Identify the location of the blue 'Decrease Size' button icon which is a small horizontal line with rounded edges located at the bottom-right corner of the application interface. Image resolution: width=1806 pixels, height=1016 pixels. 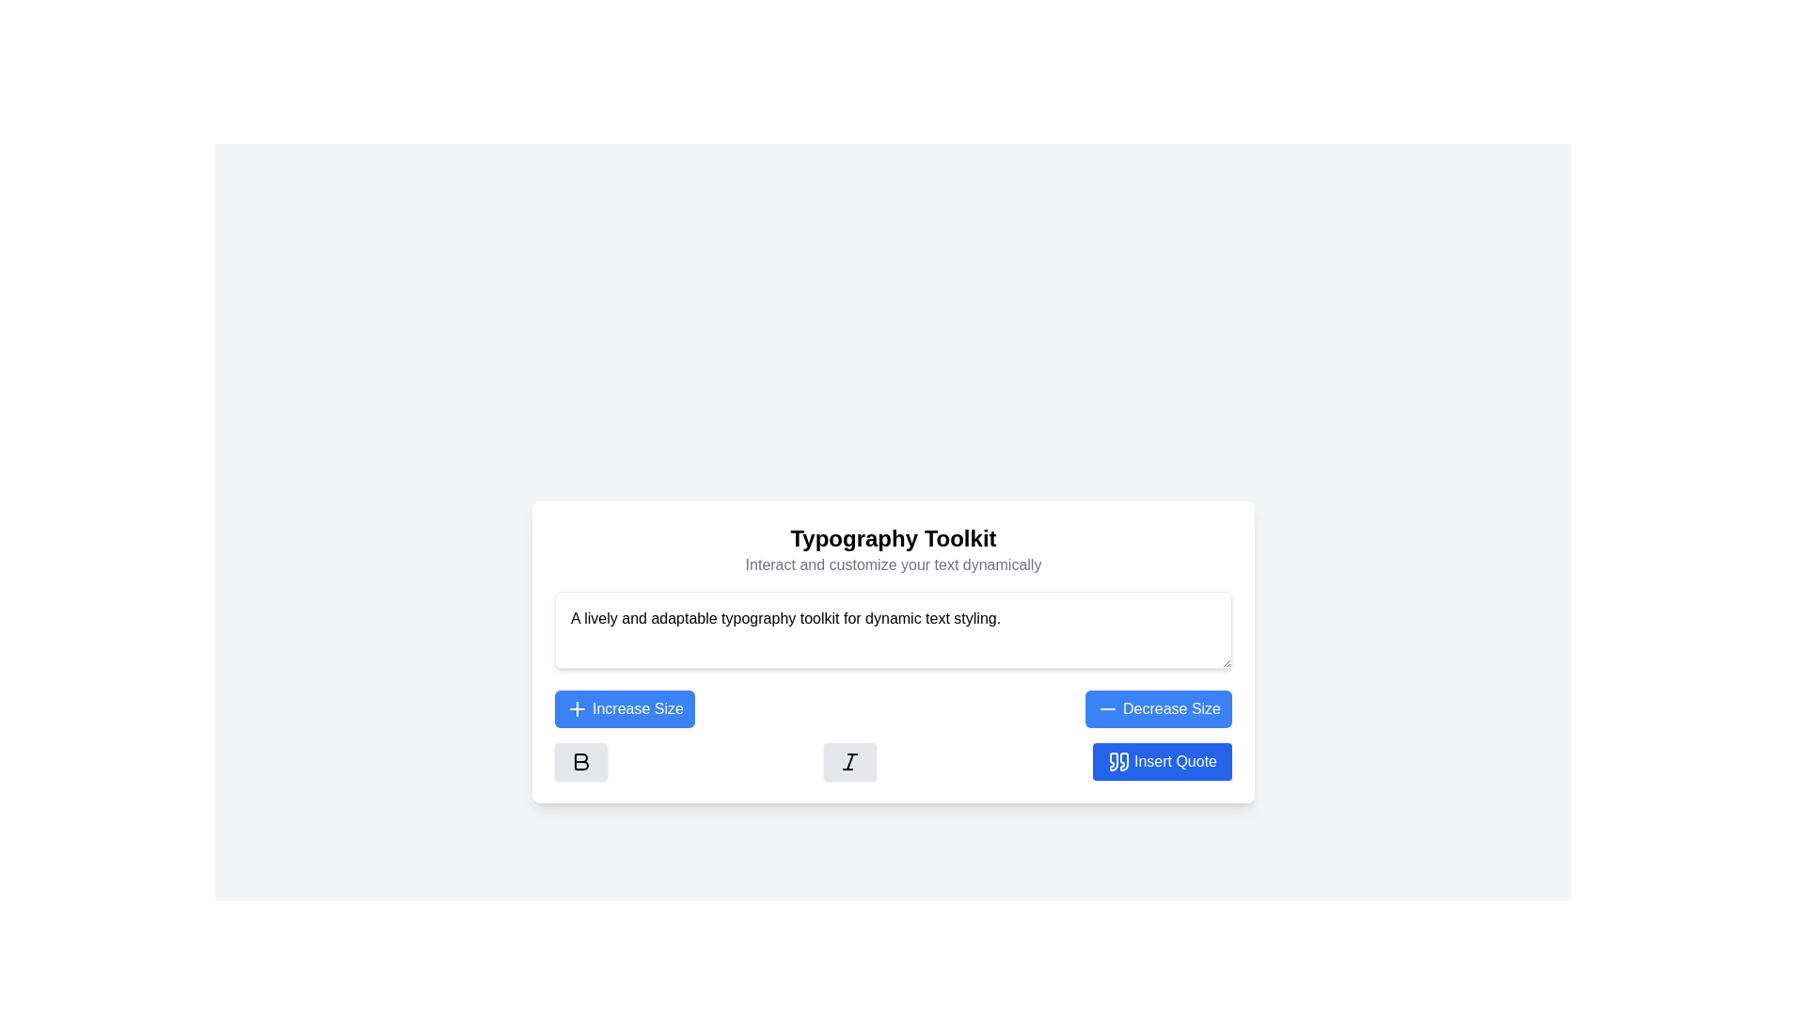
(1107, 708).